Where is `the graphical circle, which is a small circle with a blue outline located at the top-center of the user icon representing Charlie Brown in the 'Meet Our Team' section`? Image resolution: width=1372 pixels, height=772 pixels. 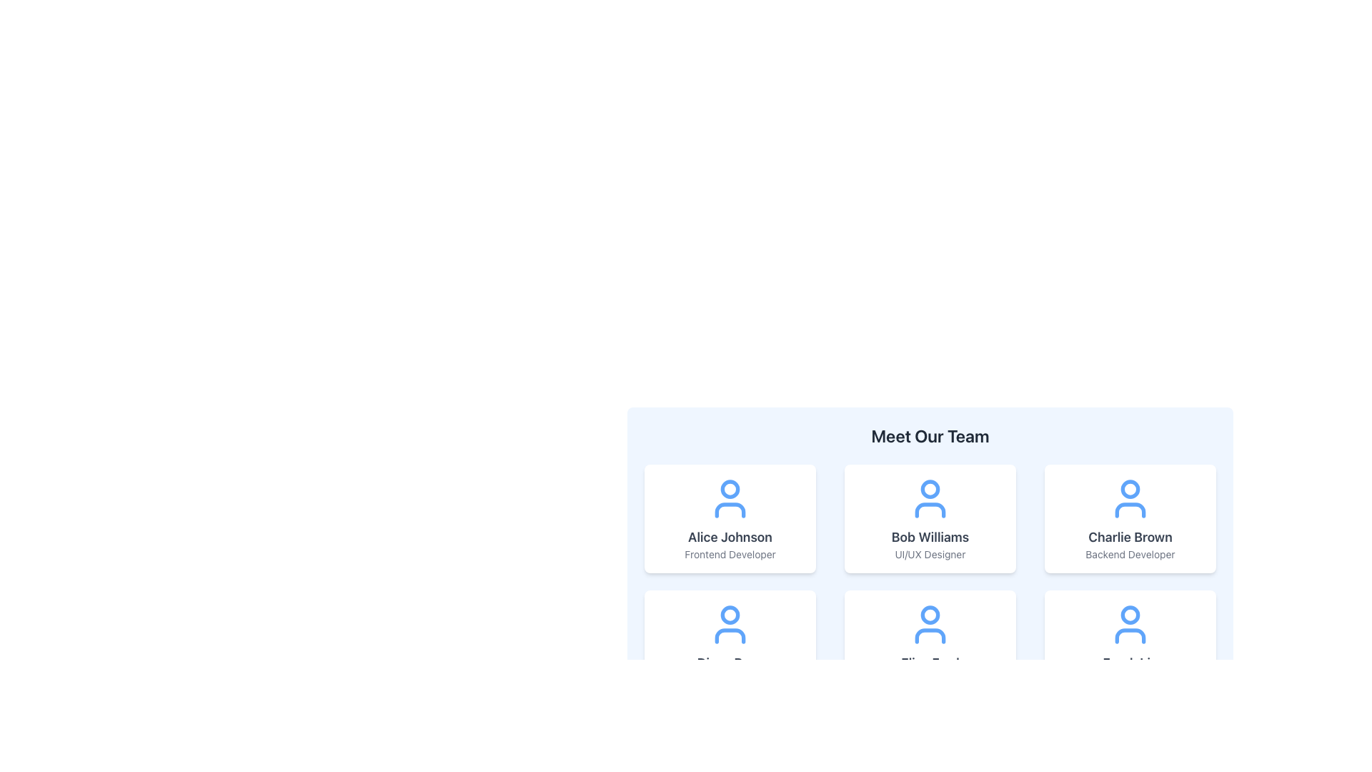 the graphical circle, which is a small circle with a blue outline located at the top-center of the user icon representing Charlie Brown in the 'Meet Our Team' section is located at coordinates (1130, 488).